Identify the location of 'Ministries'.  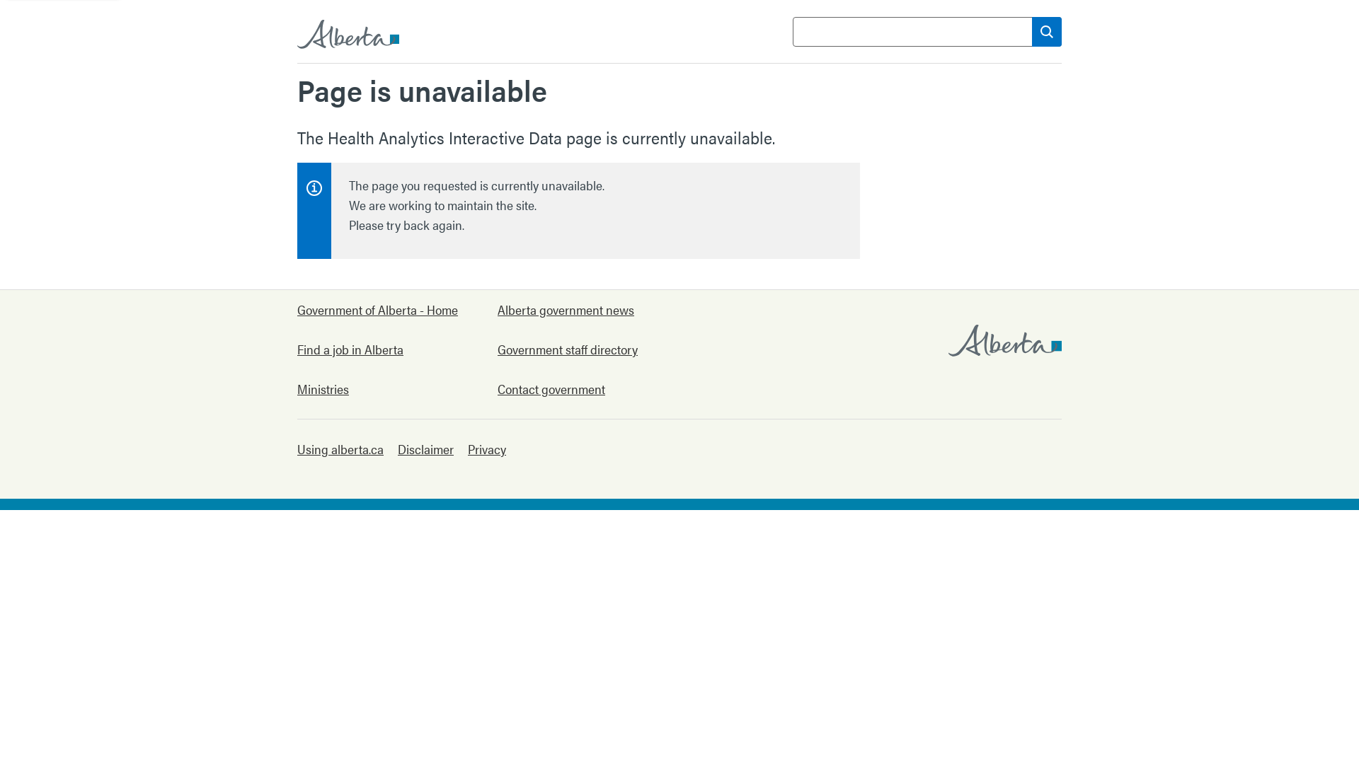
(377, 389).